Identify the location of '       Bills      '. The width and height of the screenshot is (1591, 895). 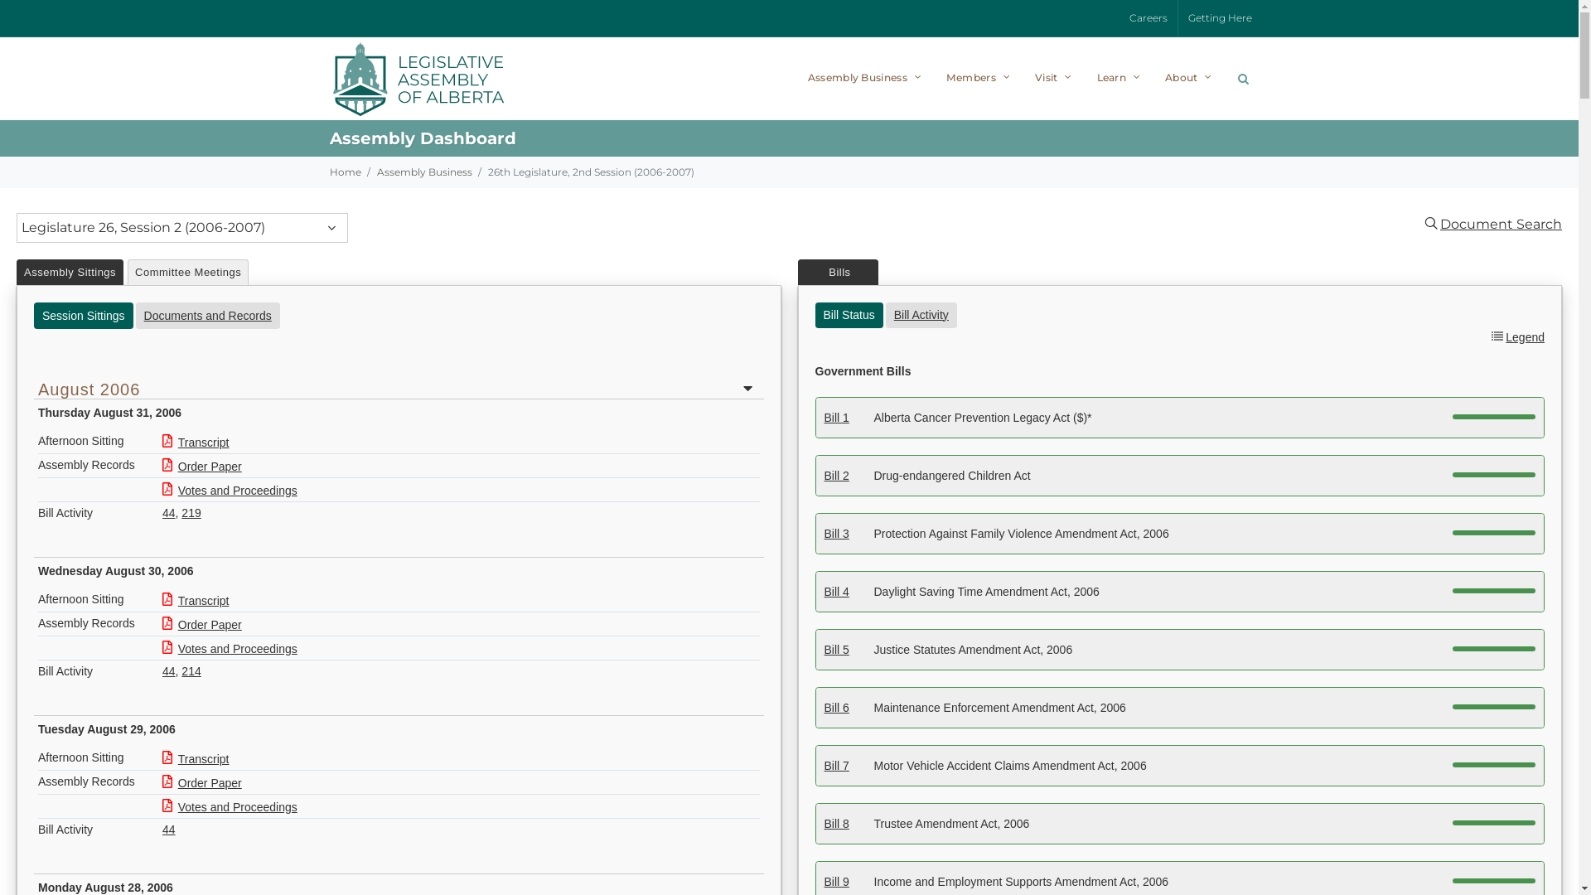
(838, 271).